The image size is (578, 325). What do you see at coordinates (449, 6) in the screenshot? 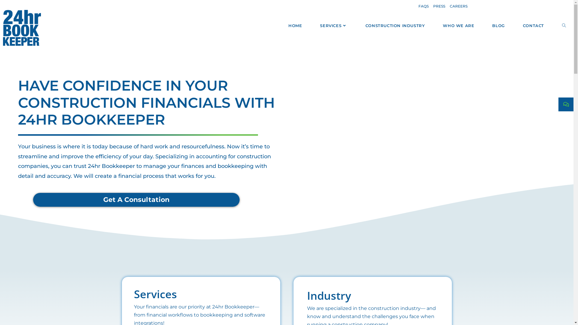
I see `'CAREERS'` at bounding box center [449, 6].